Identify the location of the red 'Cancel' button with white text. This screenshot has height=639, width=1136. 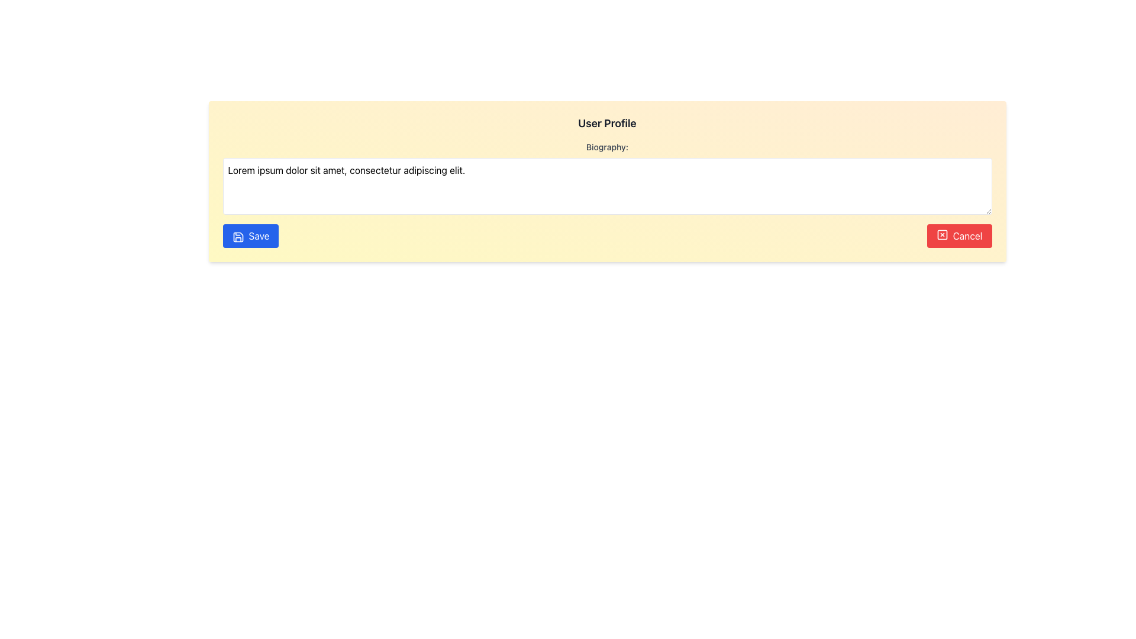
(959, 235).